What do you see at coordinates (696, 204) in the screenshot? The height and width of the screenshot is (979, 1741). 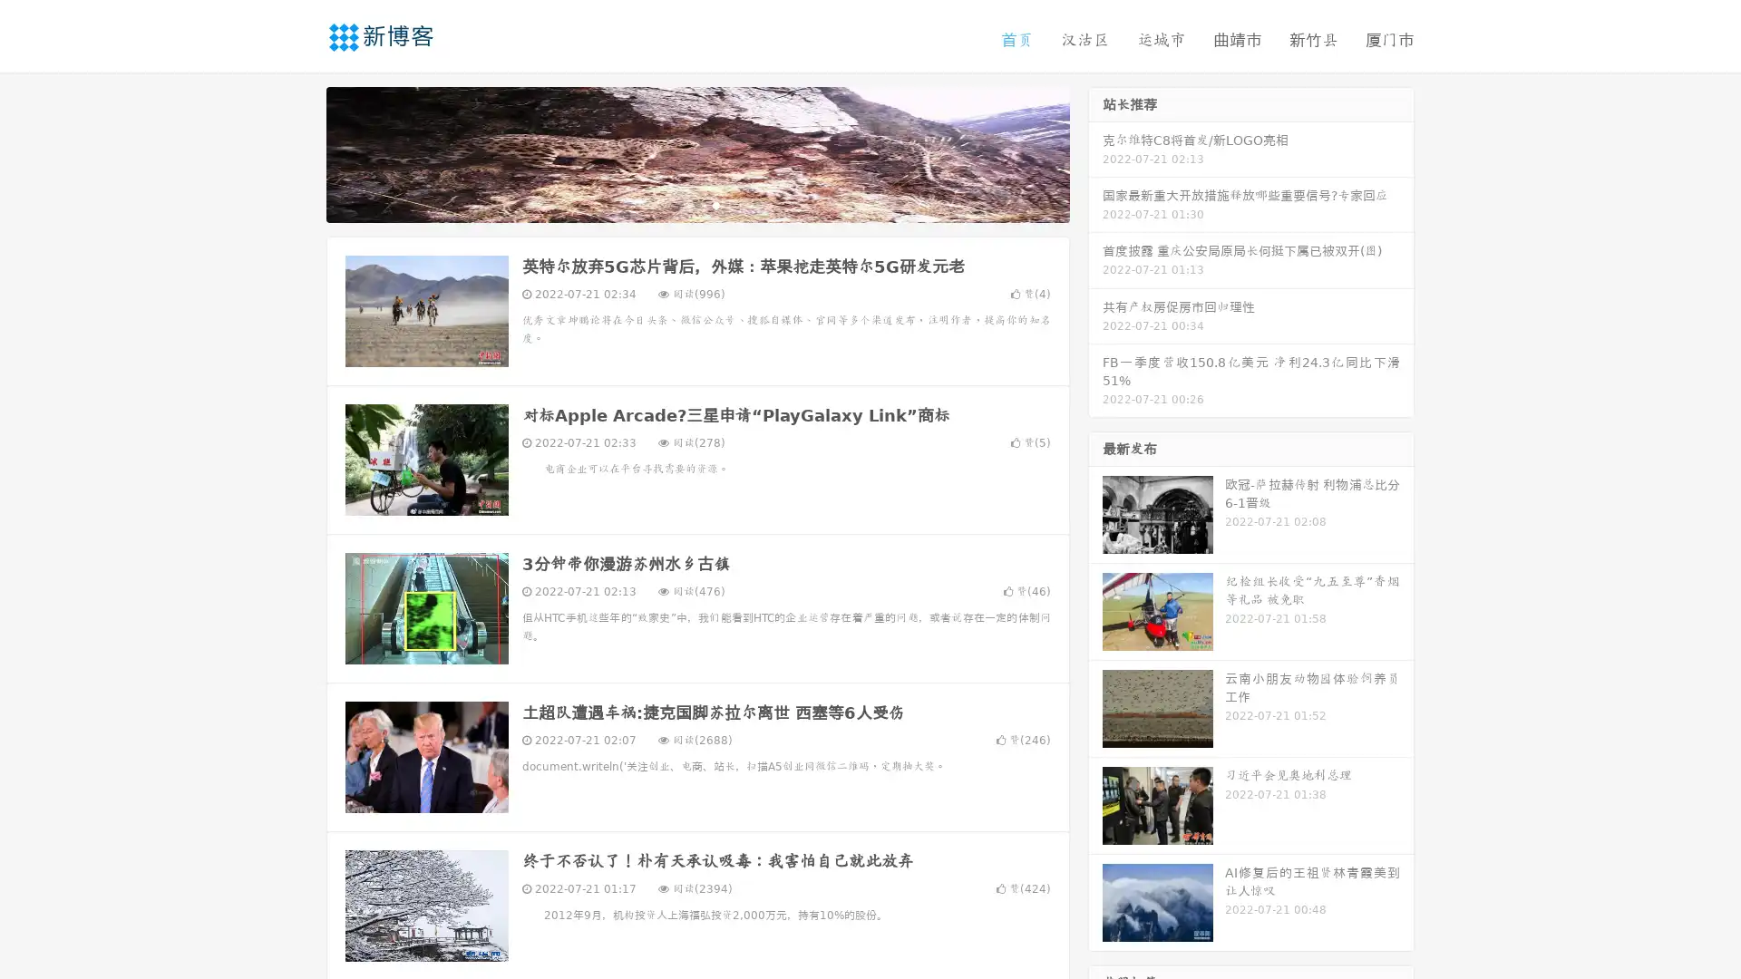 I see `Go to slide 2` at bounding box center [696, 204].